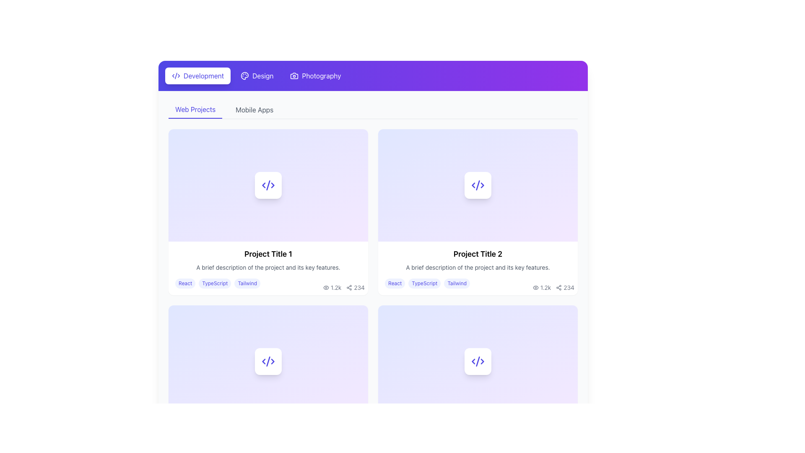  Describe the element at coordinates (567, 315) in the screenshot. I see `the 'like' button located at the bottom-right corner of the card for 'Project Title 2'` at that location.